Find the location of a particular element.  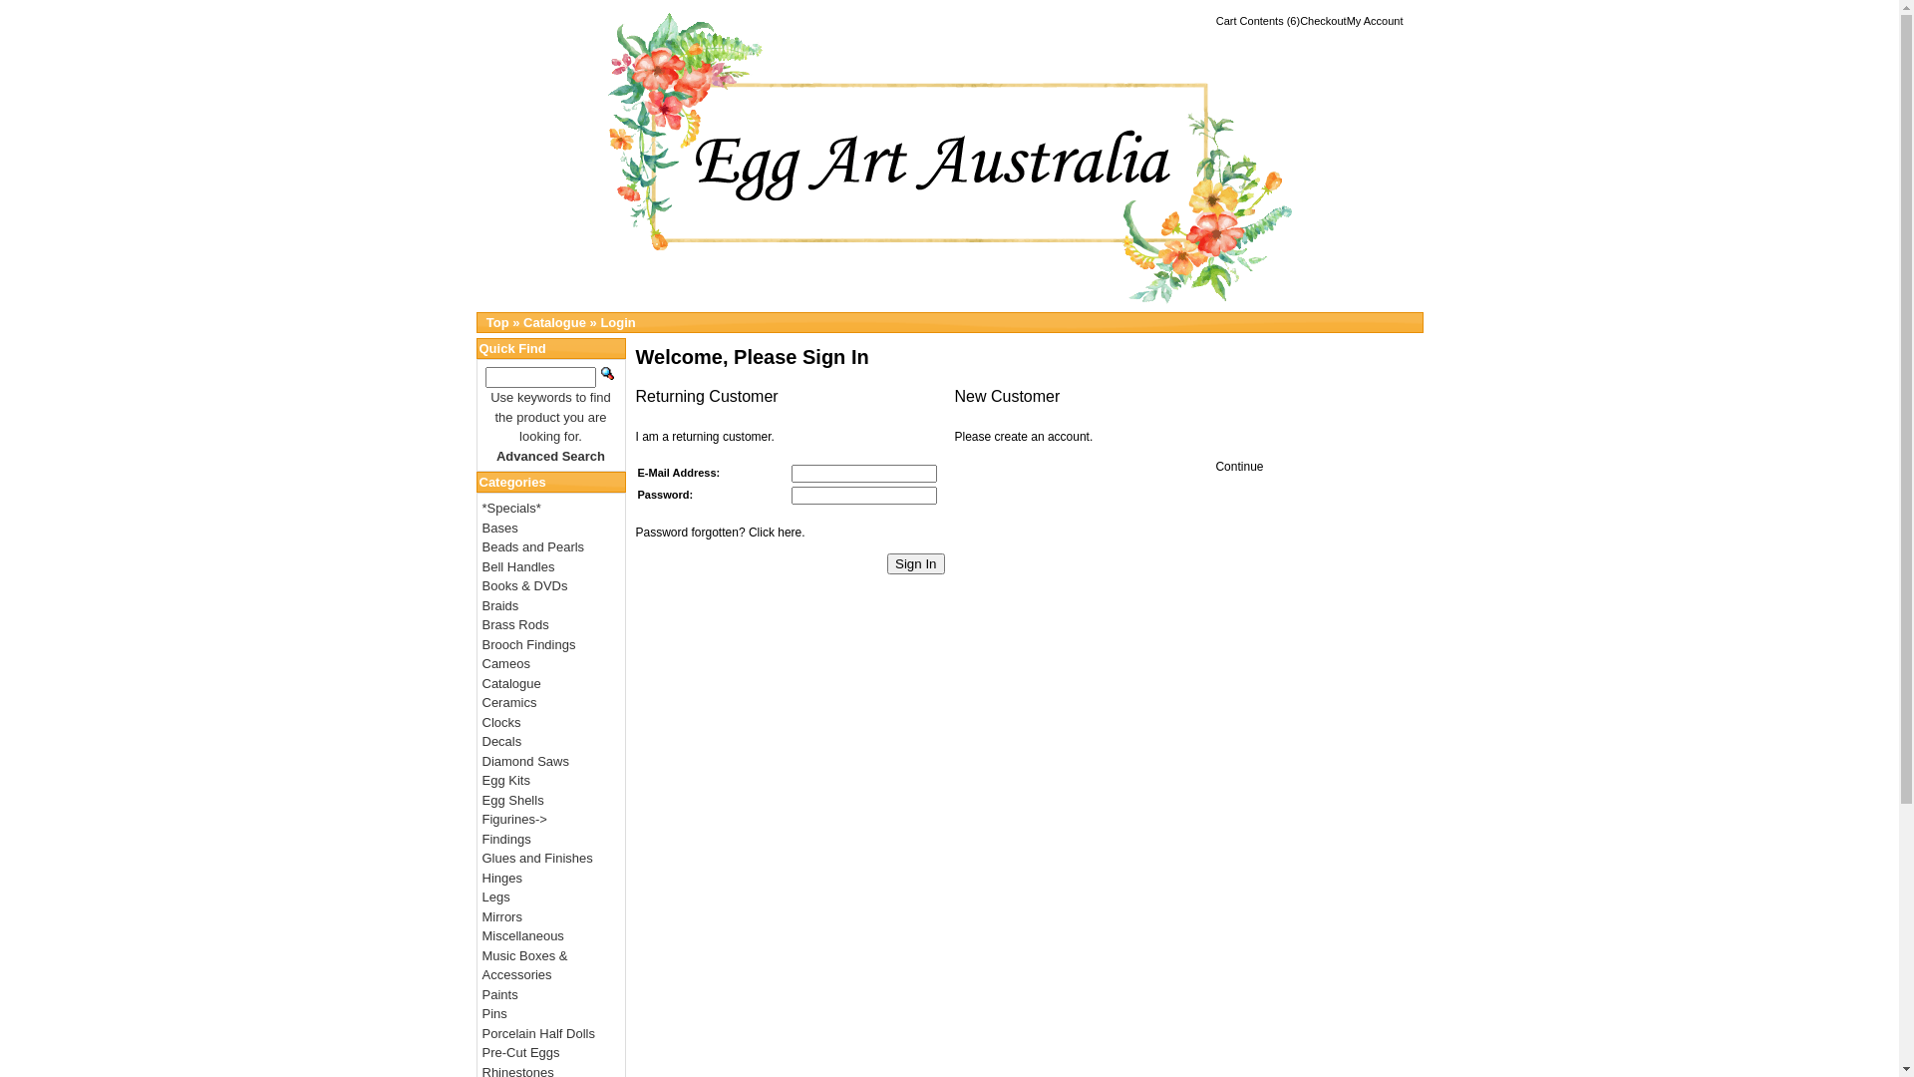

'Diamond Saws' is located at coordinates (482, 761).